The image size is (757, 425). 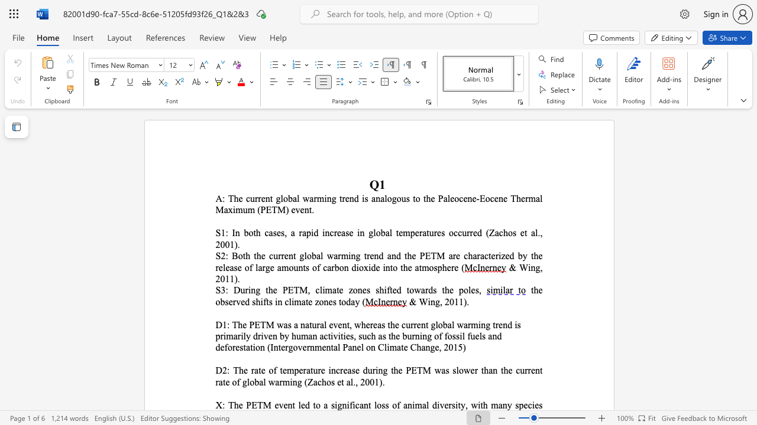 I want to click on the 1th character "E" in the text, so click(x=257, y=325).